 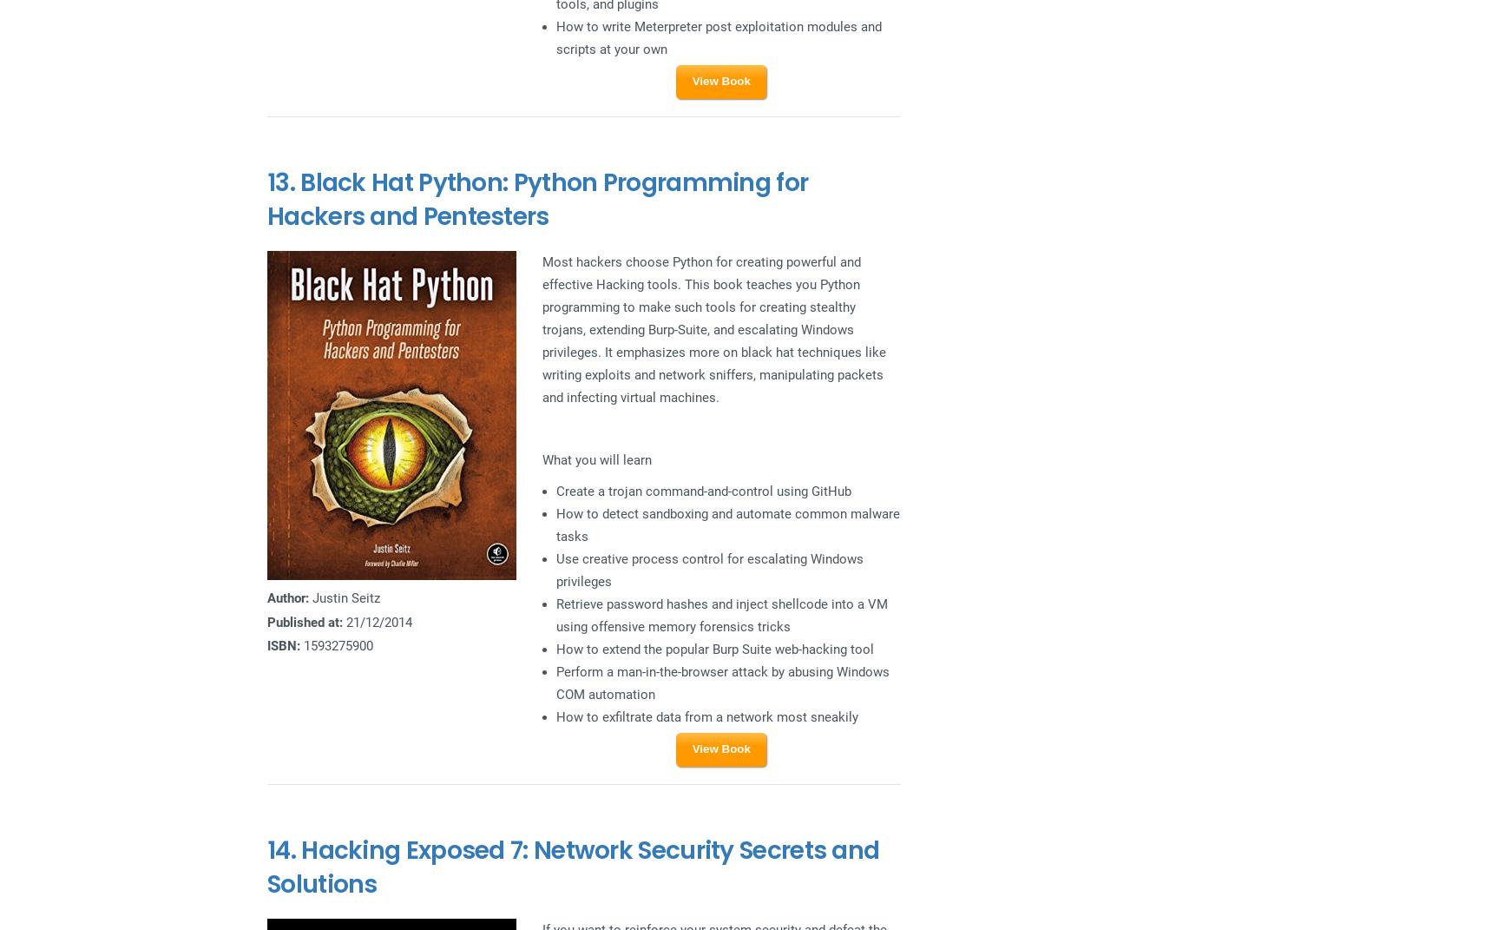 I want to click on 'What you will learn', so click(x=595, y=458).